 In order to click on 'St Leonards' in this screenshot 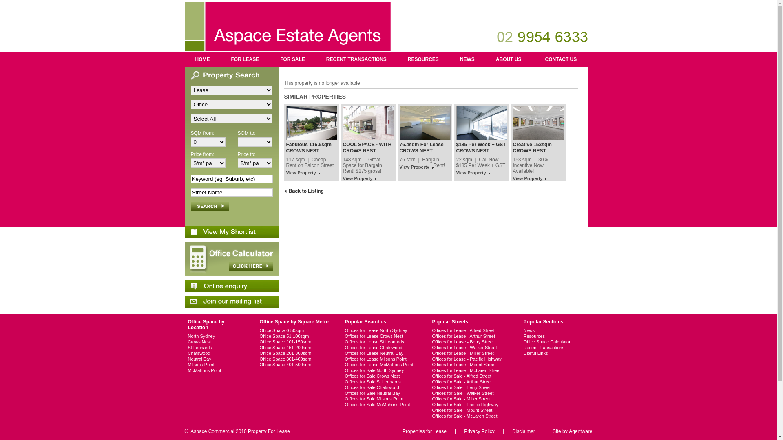, I will do `click(217, 347)`.